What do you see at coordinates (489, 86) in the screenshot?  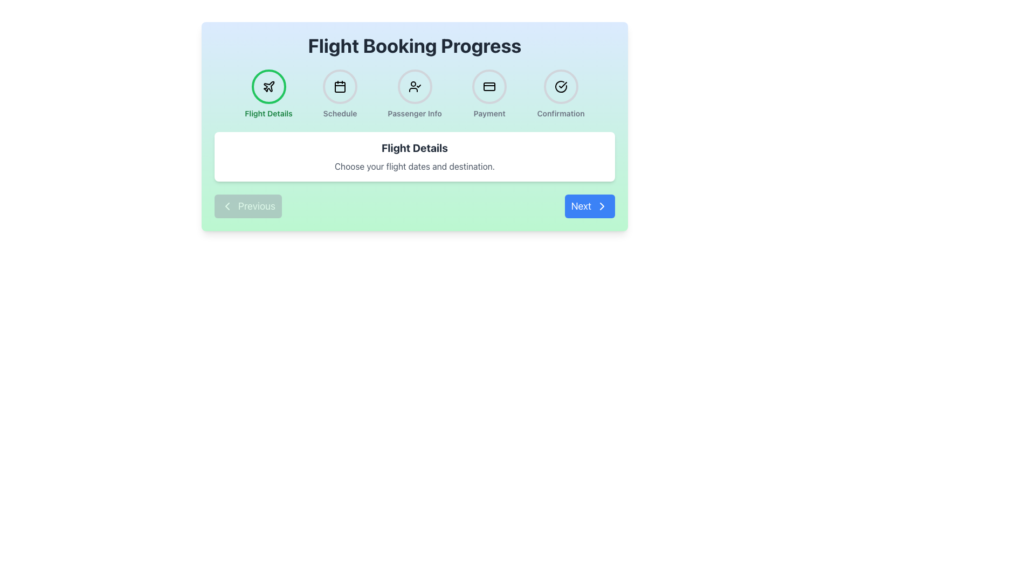 I see `the 'Payment' circular button icon in the navigation bar` at bounding box center [489, 86].